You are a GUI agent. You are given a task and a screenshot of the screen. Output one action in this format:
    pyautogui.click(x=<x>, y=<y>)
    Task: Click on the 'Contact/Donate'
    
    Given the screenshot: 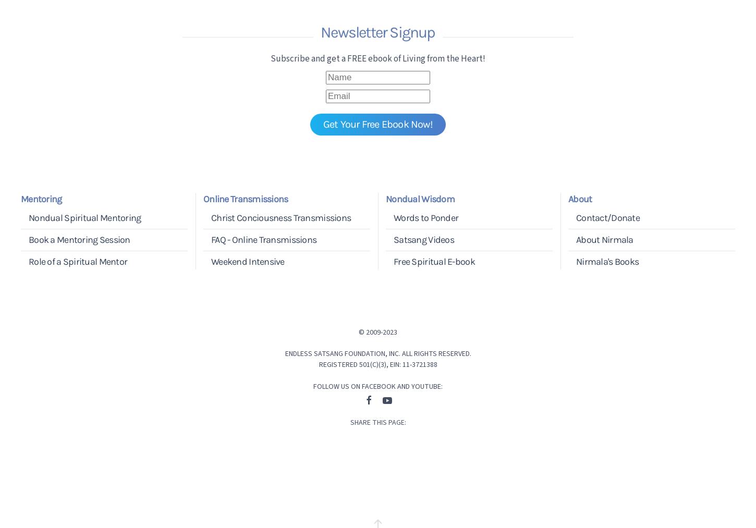 What is the action you would take?
    pyautogui.click(x=607, y=216)
    